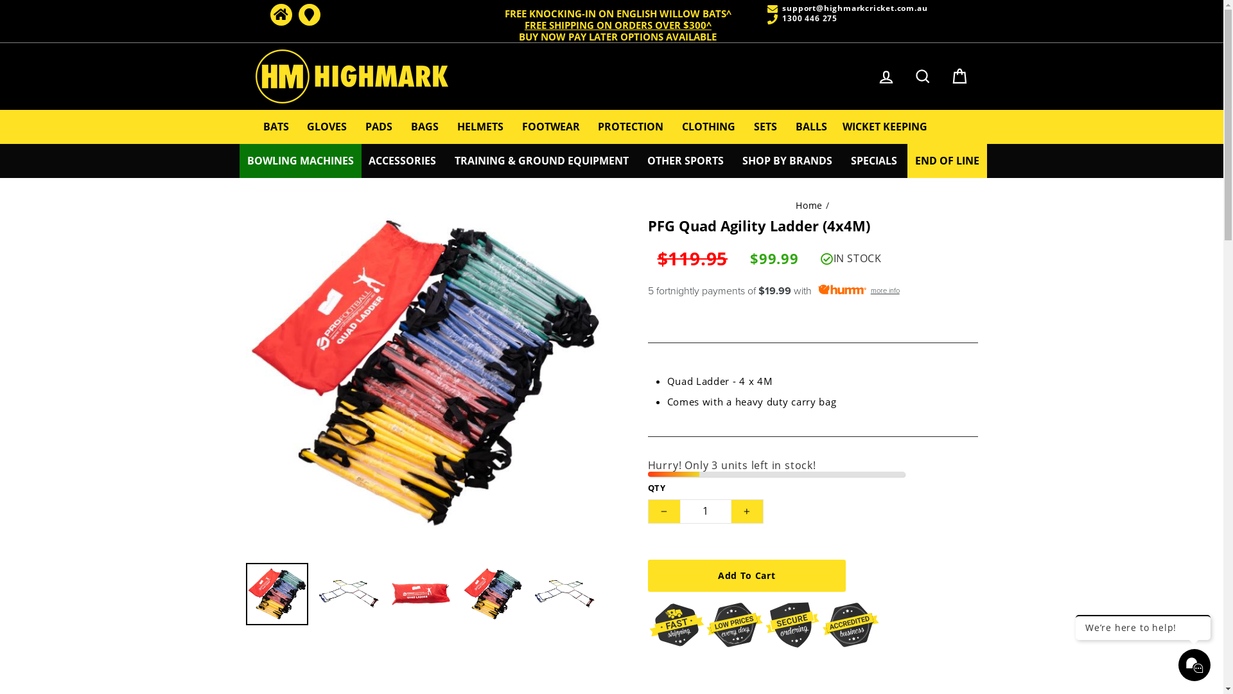 The height and width of the screenshot is (694, 1233). Describe the element at coordinates (959, 76) in the screenshot. I see `'CART'` at that location.